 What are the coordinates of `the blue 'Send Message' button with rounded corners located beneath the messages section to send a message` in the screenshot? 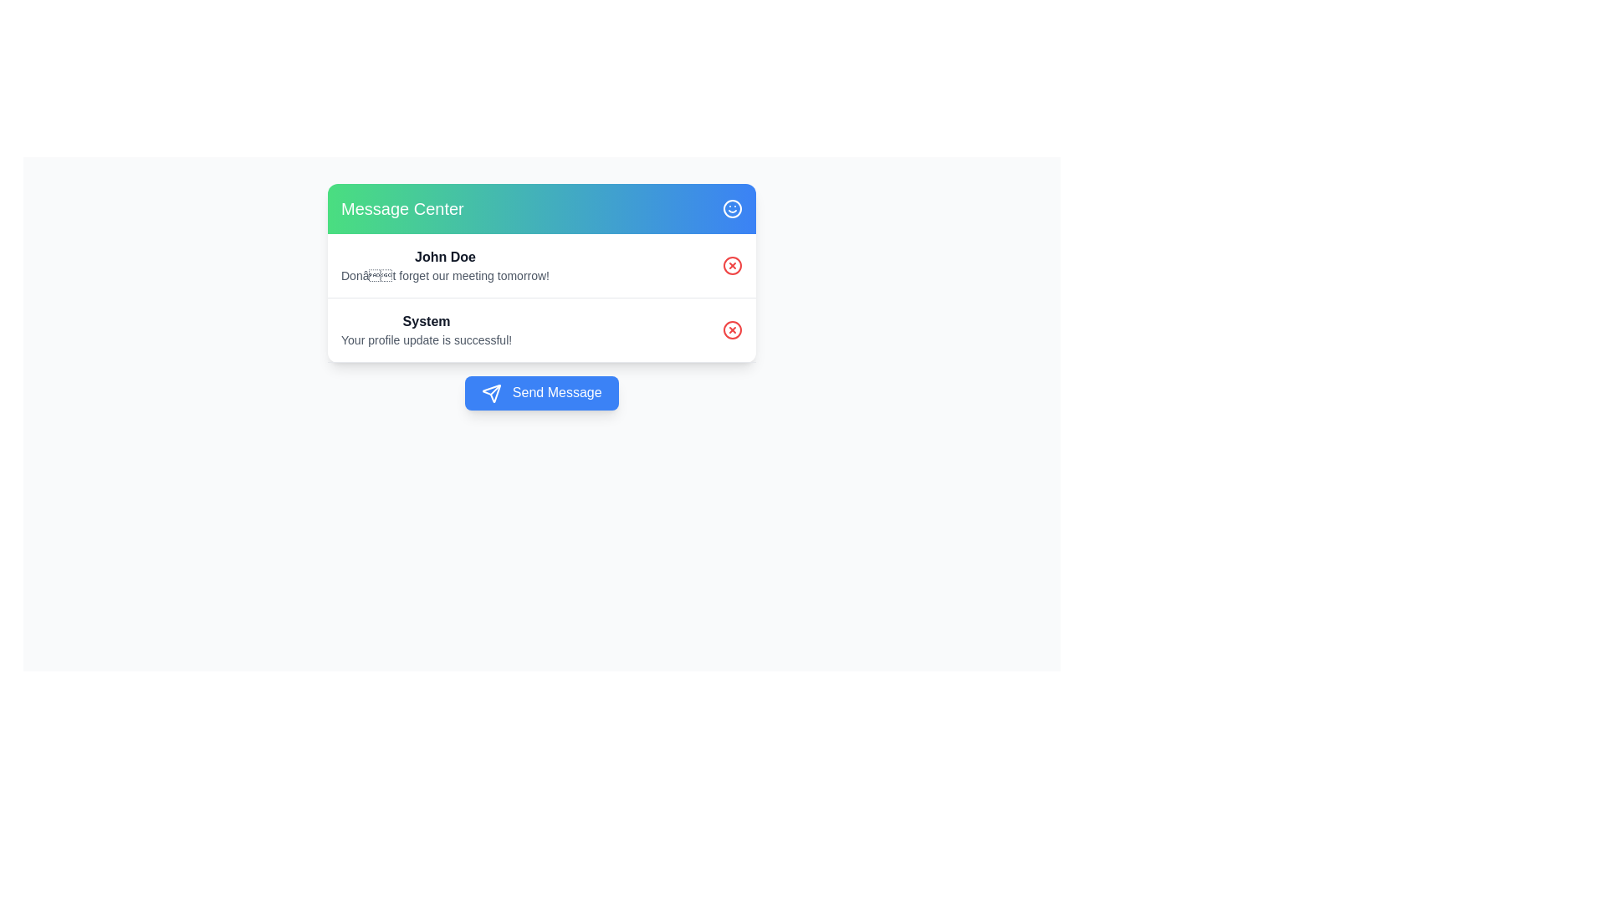 It's located at (542, 393).